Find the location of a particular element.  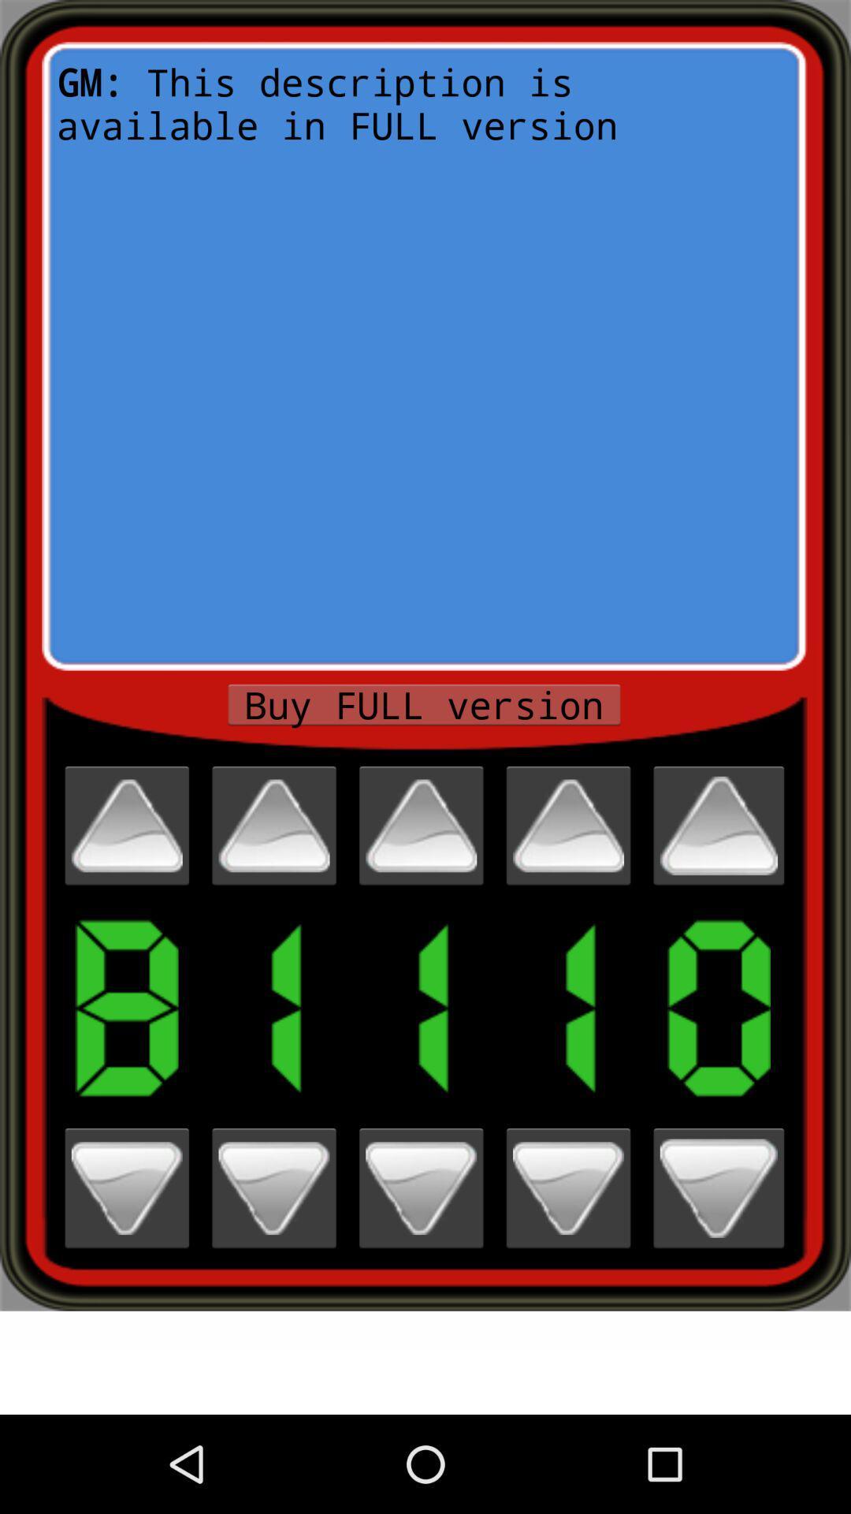

the expand_more icon is located at coordinates (420, 1271).